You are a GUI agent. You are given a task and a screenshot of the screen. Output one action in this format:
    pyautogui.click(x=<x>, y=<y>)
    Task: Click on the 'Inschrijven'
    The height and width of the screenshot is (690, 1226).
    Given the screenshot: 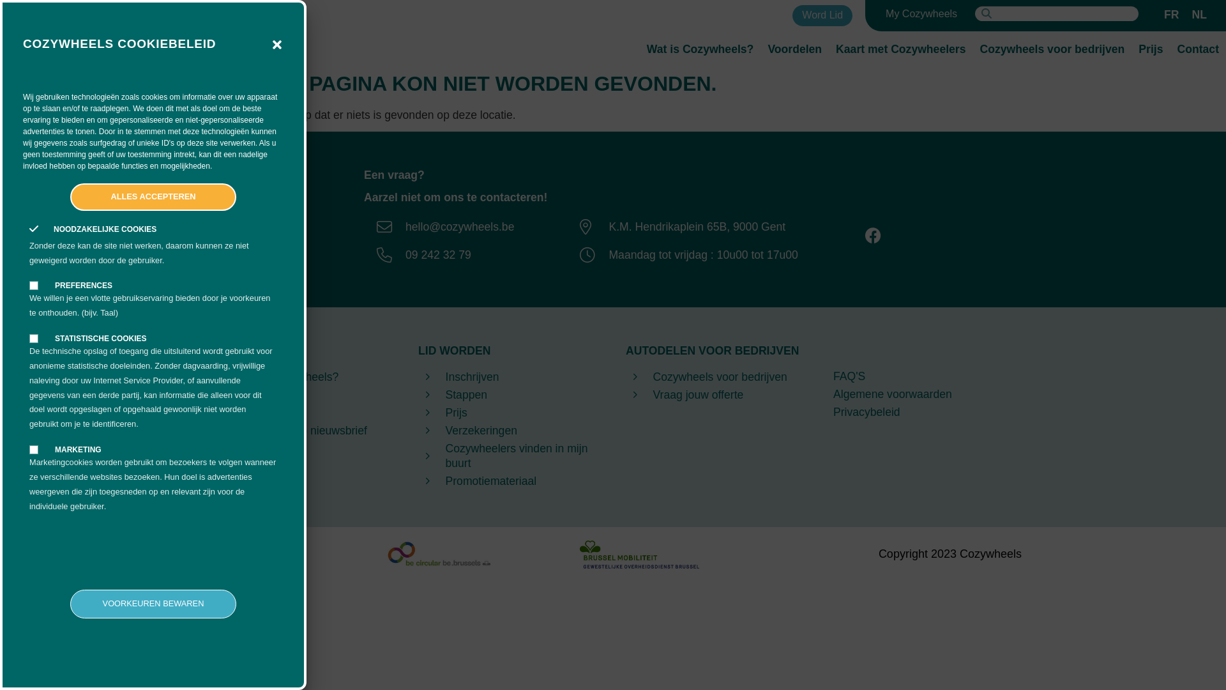 What is the action you would take?
    pyautogui.click(x=418, y=376)
    